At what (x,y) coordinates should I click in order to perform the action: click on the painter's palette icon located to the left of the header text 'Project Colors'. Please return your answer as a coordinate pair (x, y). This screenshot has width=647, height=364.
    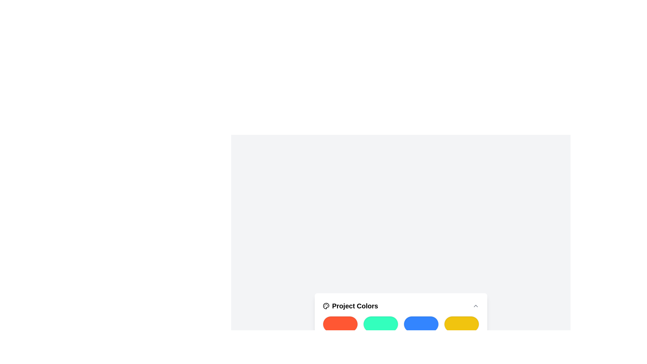
    Looking at the image, I should click on (326, 306).